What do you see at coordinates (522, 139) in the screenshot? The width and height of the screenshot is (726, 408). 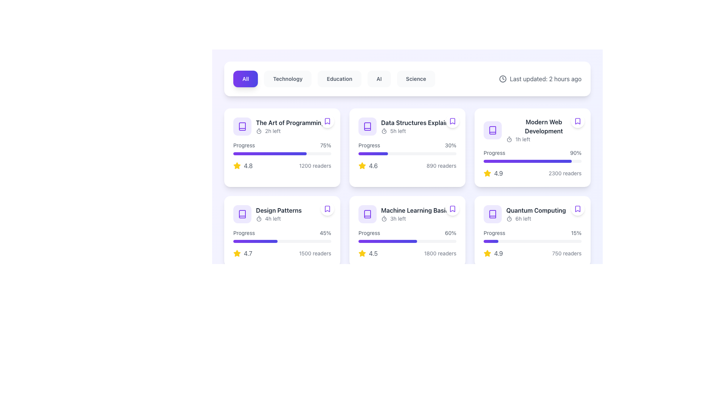 I see `the text label displaying '1h left' which is styled in small gray font, located centrally within the card for 'Modern Web Development', below the main title` at bounding box center [522, 139].